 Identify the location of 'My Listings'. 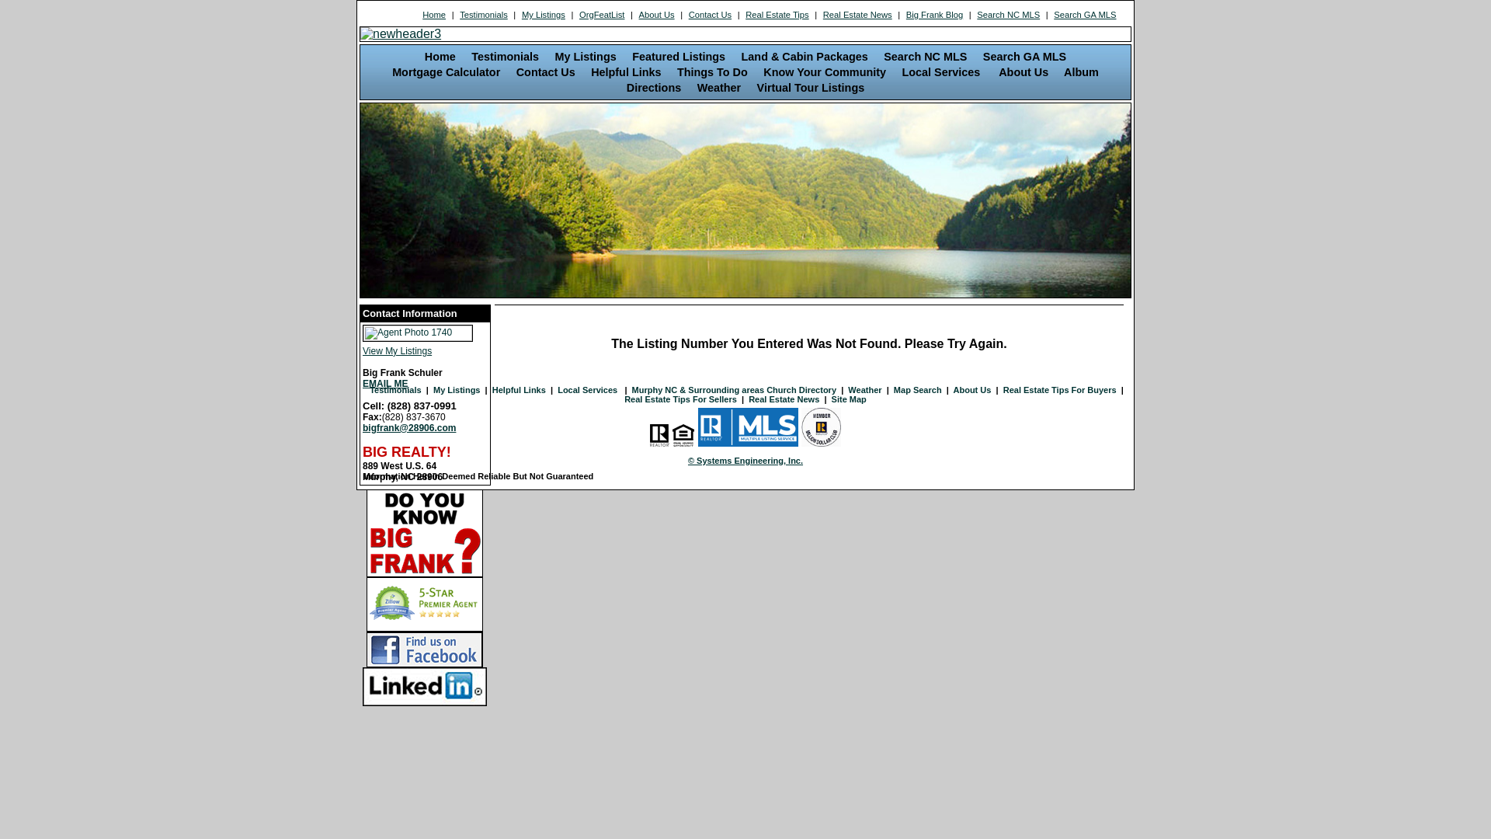
(543, 15).